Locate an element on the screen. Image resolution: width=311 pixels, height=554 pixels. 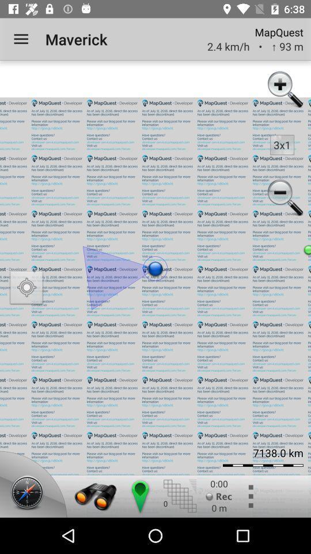
start recording current driving route is located at coordinates (219, 496).